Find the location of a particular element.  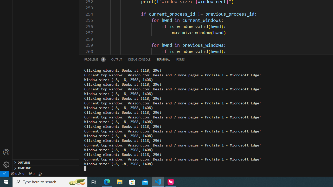

'Accounts' is located at coordinates (6, 152).